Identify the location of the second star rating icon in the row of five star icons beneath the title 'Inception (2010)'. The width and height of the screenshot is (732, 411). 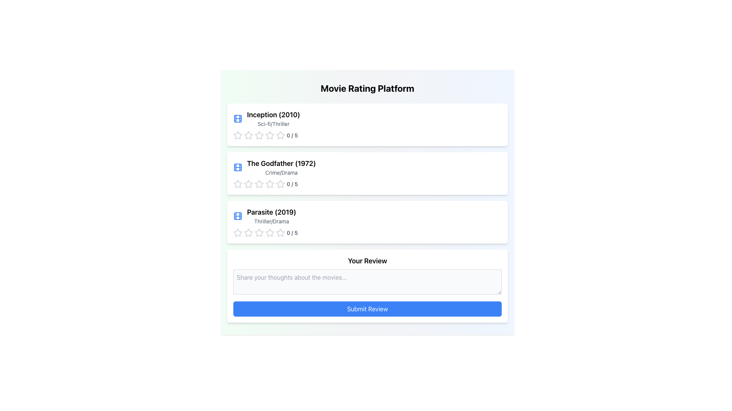
(249, 135).